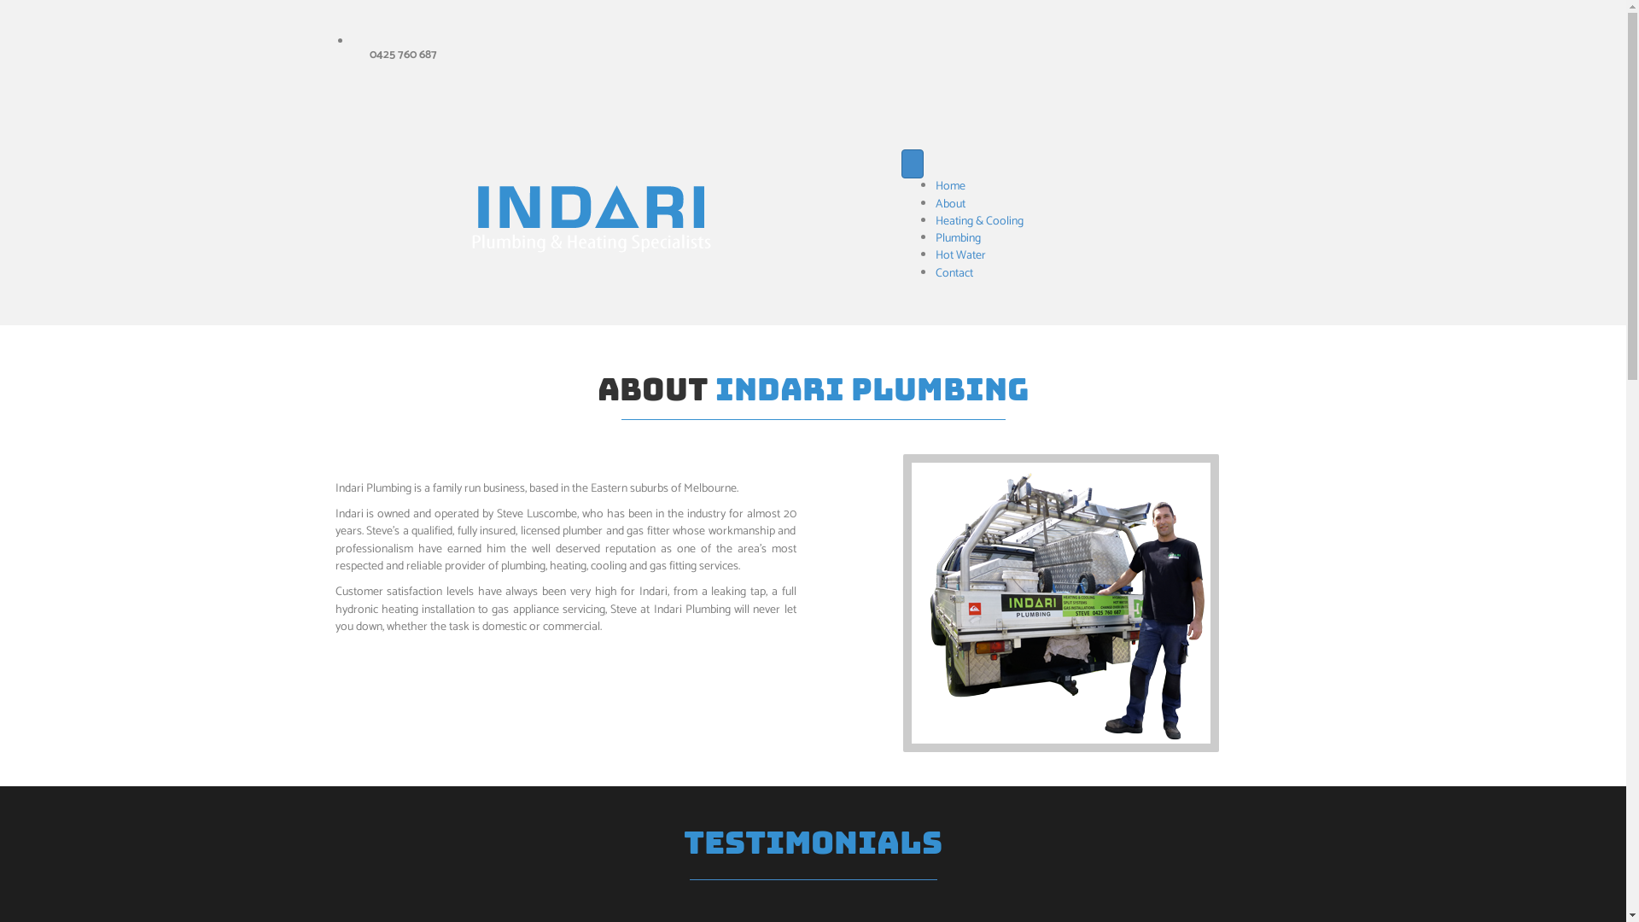 The image size is (1639, 922). Describe the element at coordinates (949, 203) in the screenshot. I see `'About'` at that location.